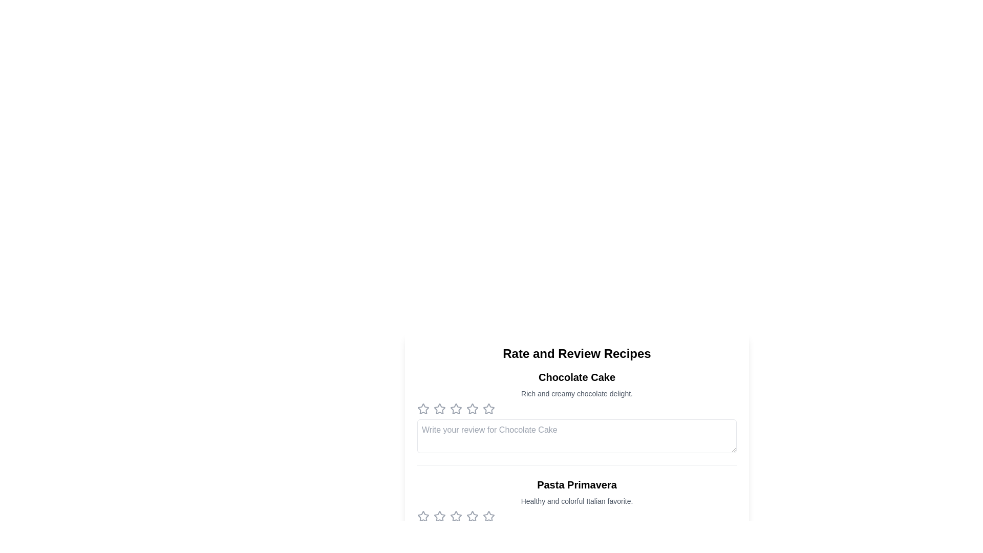  Describe the element at coordinates (423, 408) in the screenshot. I see `the first star icon for rating under the 'Chocolate Cake' section to assign a rating of one star` at that location.